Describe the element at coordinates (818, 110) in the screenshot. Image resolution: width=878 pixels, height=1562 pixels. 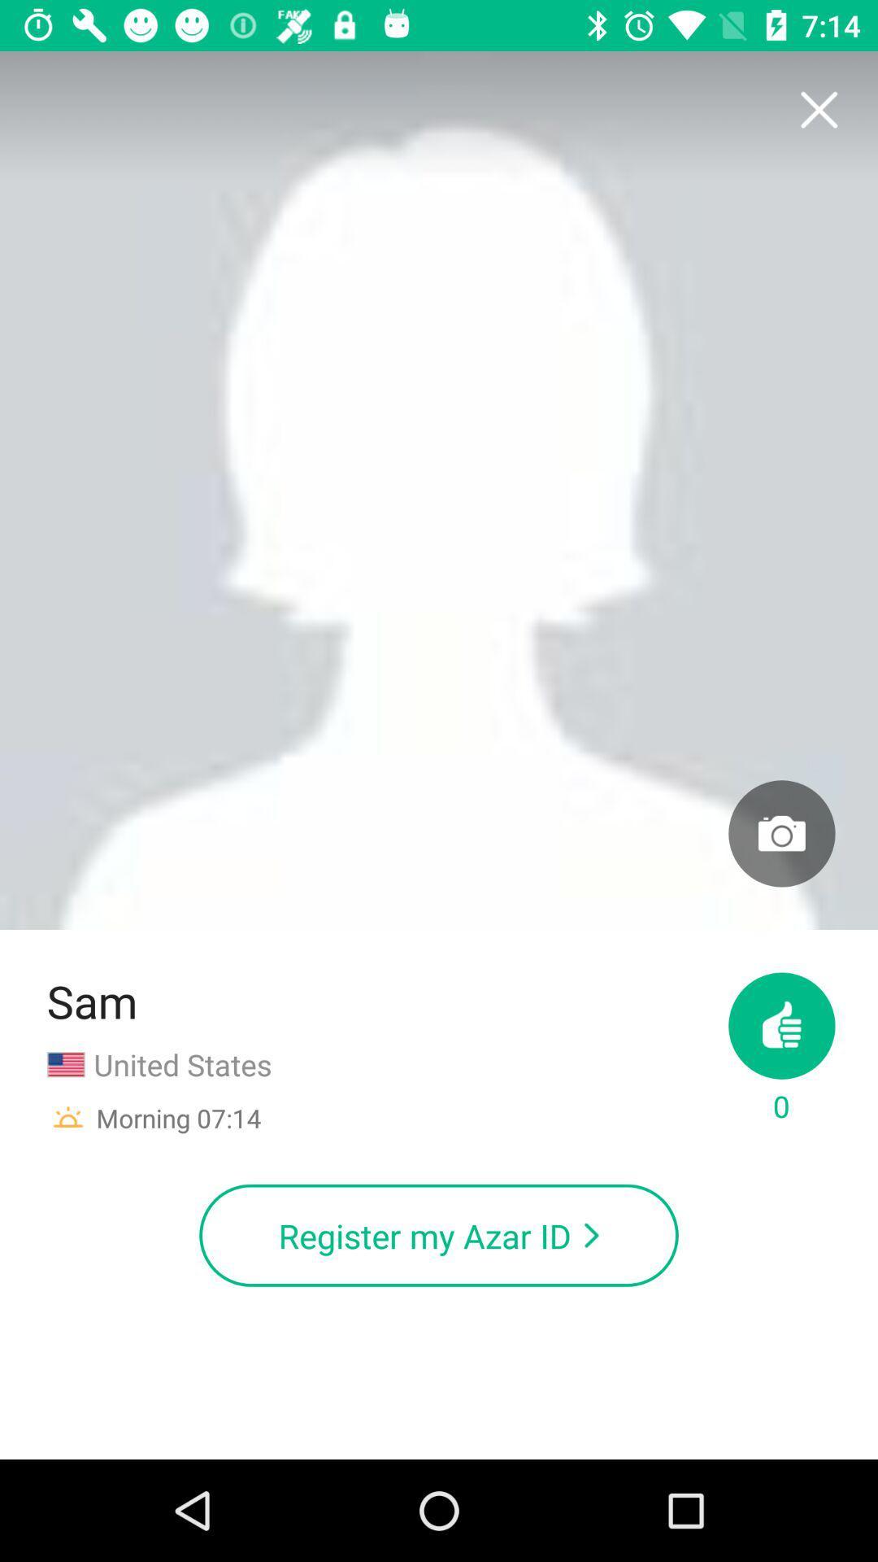
I see `item at the top right corner` at that location.